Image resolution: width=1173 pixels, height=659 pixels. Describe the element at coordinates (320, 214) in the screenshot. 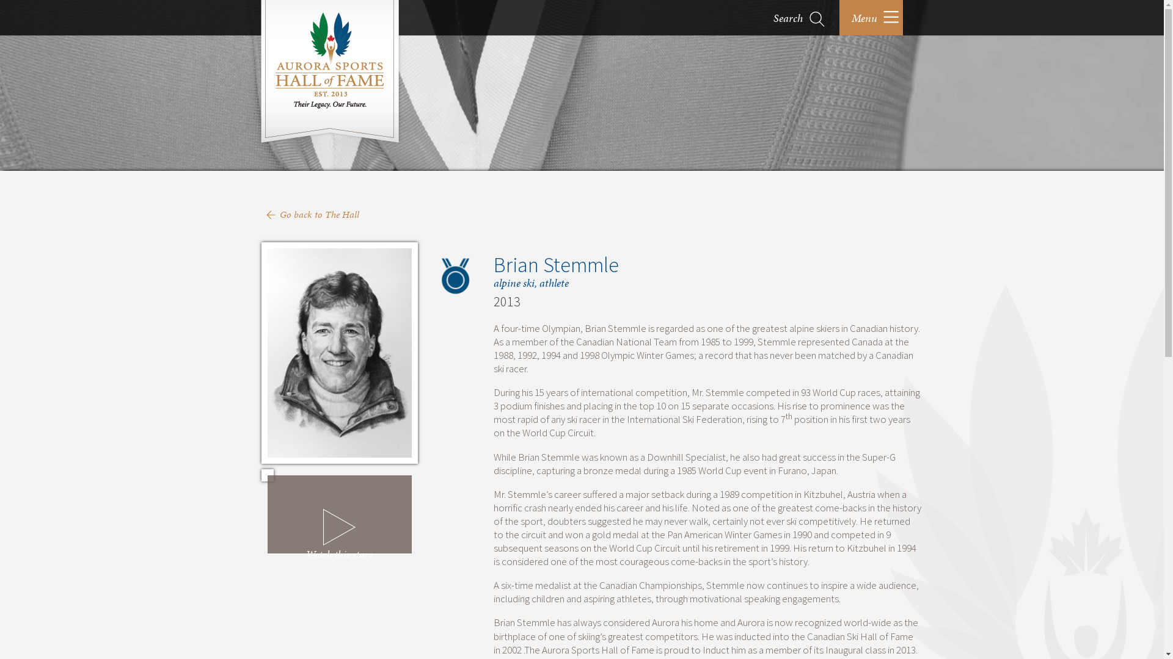

I see `'Go back to The Hall'` at that location.